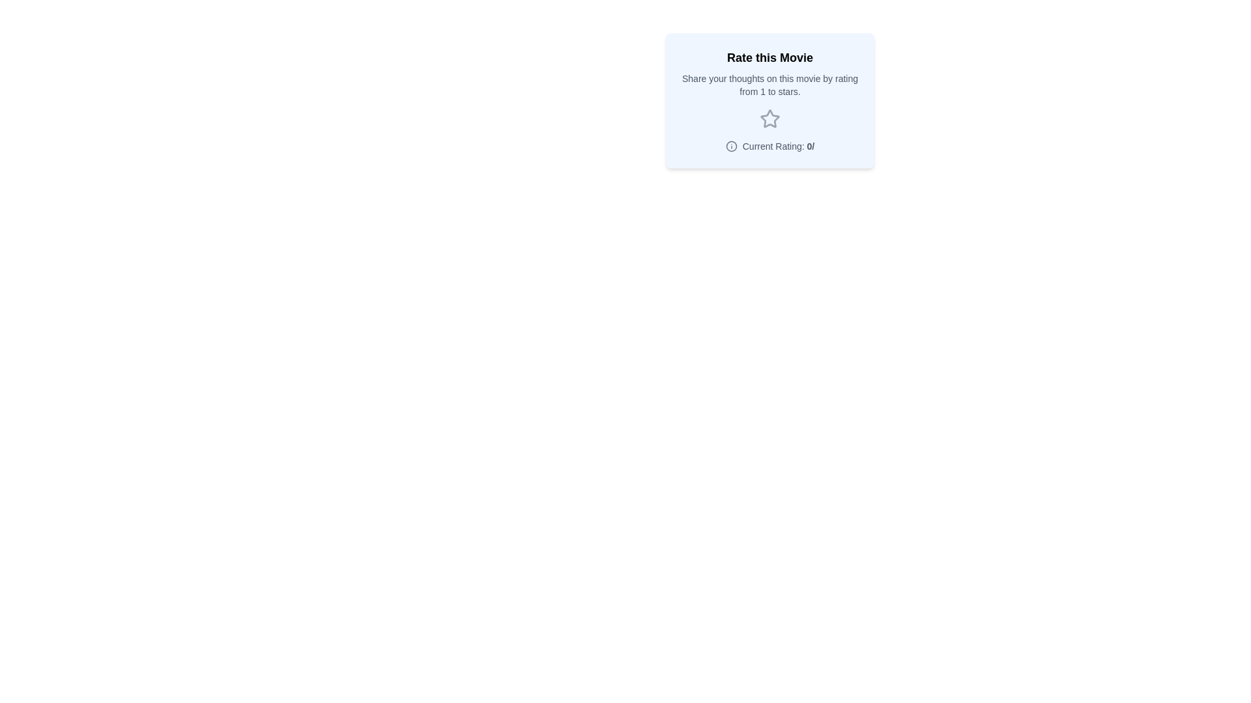 Image resolution: width=1251 pixels, height=703 pixels. I want to click on the movie rating icon located at the top center of the light-blue card titled 'Rate this Movie', which allows users, so click(769, 118).